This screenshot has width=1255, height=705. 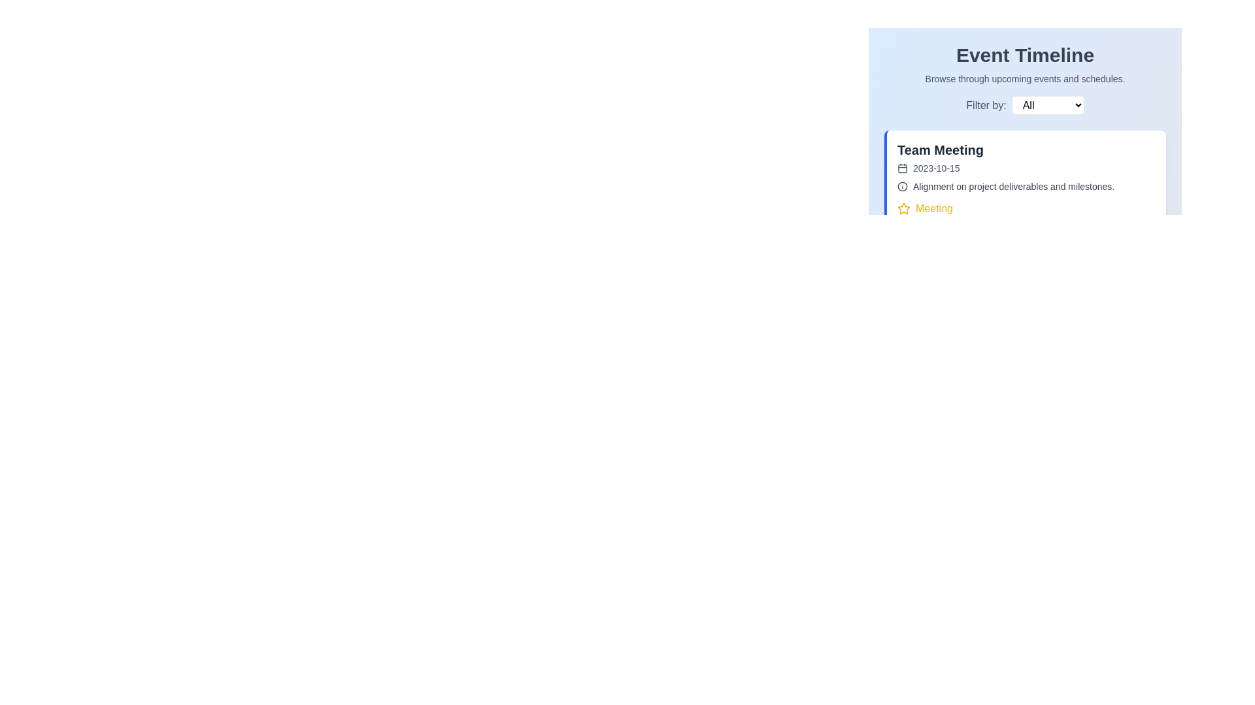 I want to click on the Dropdown menu for filtering events in the timeline, so click(x=1024, y=104).